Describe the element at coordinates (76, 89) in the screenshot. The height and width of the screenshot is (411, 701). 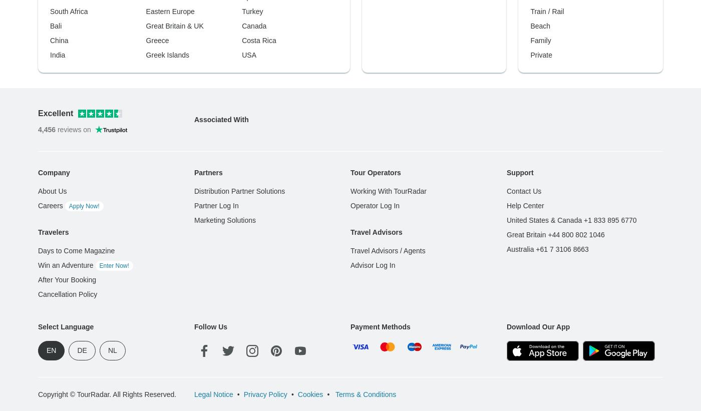
I see `'Days to Come Magazine'` at that location.